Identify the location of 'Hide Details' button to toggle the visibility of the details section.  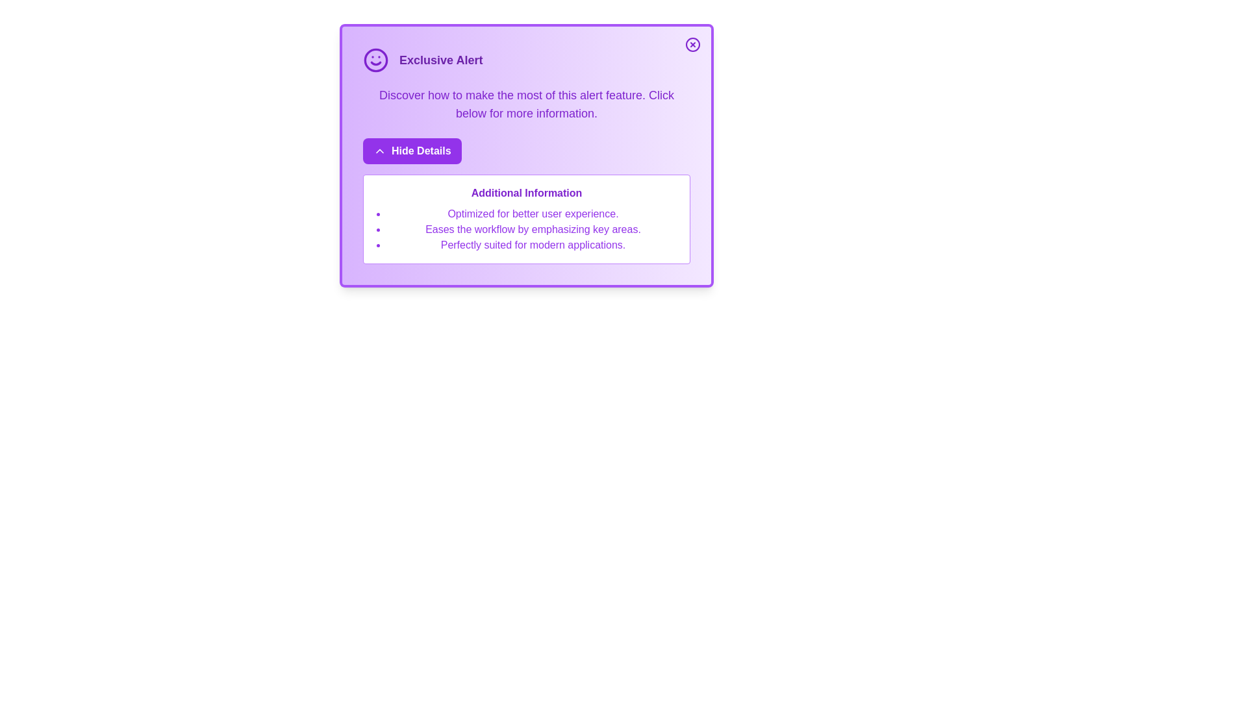
(410, 150).